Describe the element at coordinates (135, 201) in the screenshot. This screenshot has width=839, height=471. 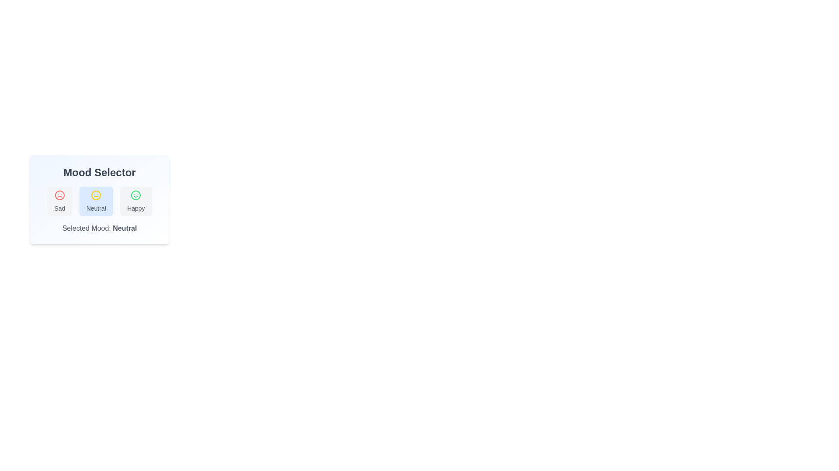
I see `the mood option Happy to select it` at that location.